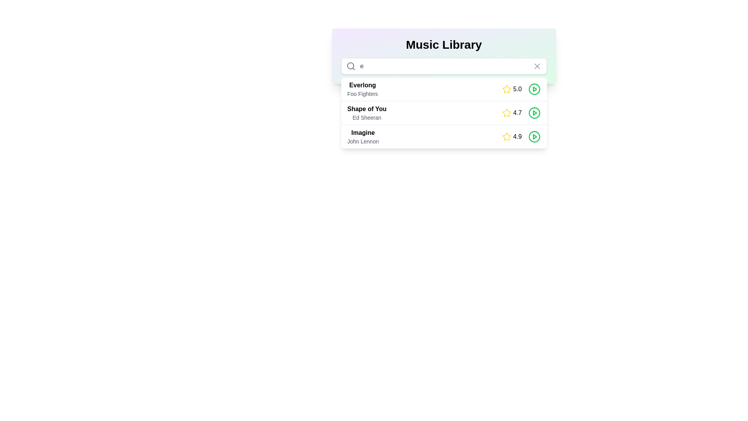  What do you see at coordinates (362, 88) in the screenshot?
I see `the text block displaying 'Everlong' by 'Foo Fighters'` at bounding box center [362, 88].